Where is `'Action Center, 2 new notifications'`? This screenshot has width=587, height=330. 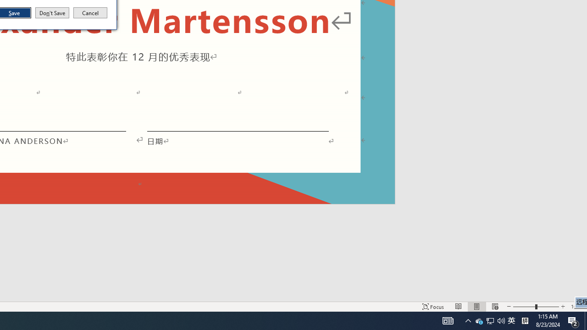
'Action Center, 2 new notifications' is located at coordinates (573, 320).